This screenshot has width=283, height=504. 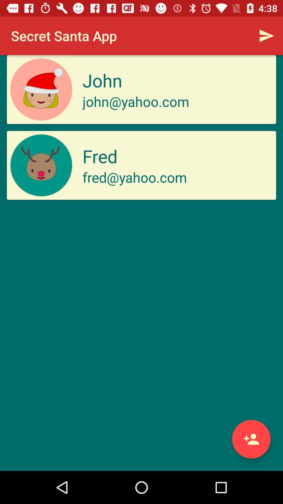 I want to click on a friend, so click(x=251, y=439).